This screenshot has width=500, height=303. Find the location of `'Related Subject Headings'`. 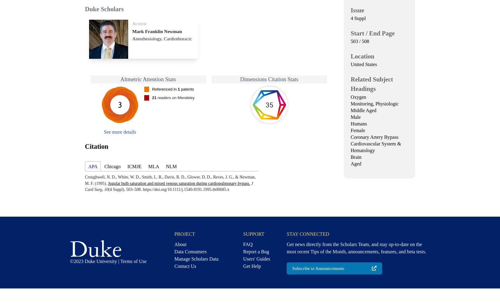

'Related Subject Headings' is located at coordinates (372, 84).